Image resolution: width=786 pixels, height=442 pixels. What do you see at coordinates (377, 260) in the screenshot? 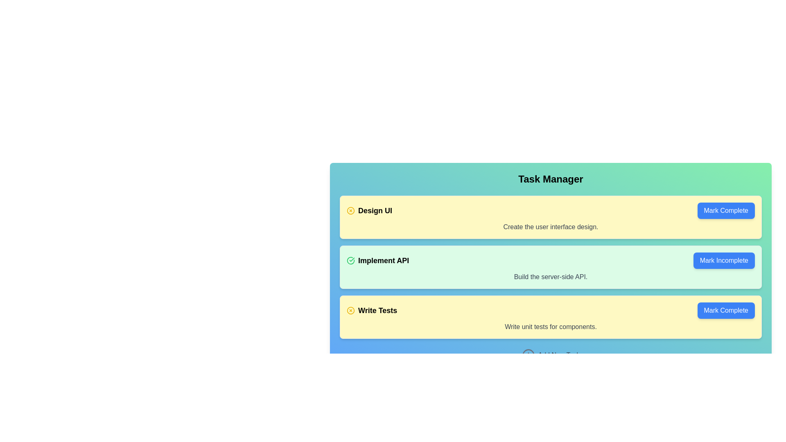
I see `the text label that reads 'Implement API', which is styled with a green checkmark icon, located as the second task item in a vertical list of steps in the task management interface` at bounding box center [377, 260].